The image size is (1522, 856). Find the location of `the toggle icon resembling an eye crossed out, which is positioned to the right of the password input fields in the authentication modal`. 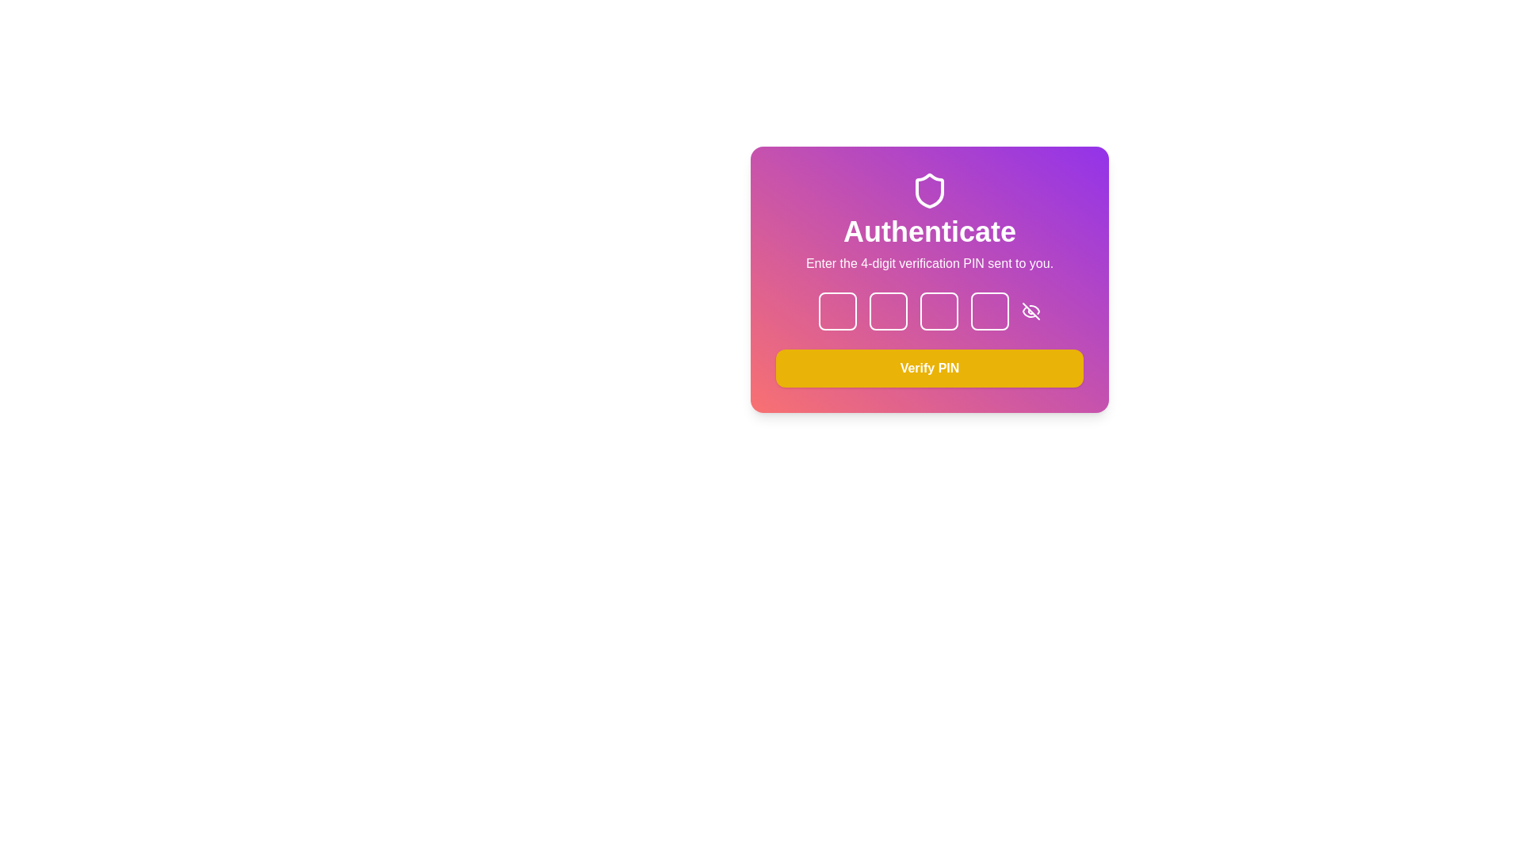

the toggle icon resembling an eye crossed out, which is positioned to the right of the password input fields in the authentication modal is located at coordinates (1031, 311).